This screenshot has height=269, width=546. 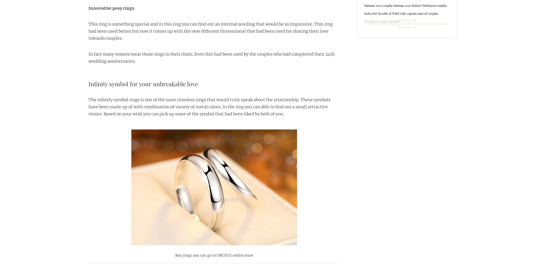 What do you see at coordinates (378, 5) in the screenshot?
I see `'batman 2021 cosplay'` at bounding box center [378, 5].